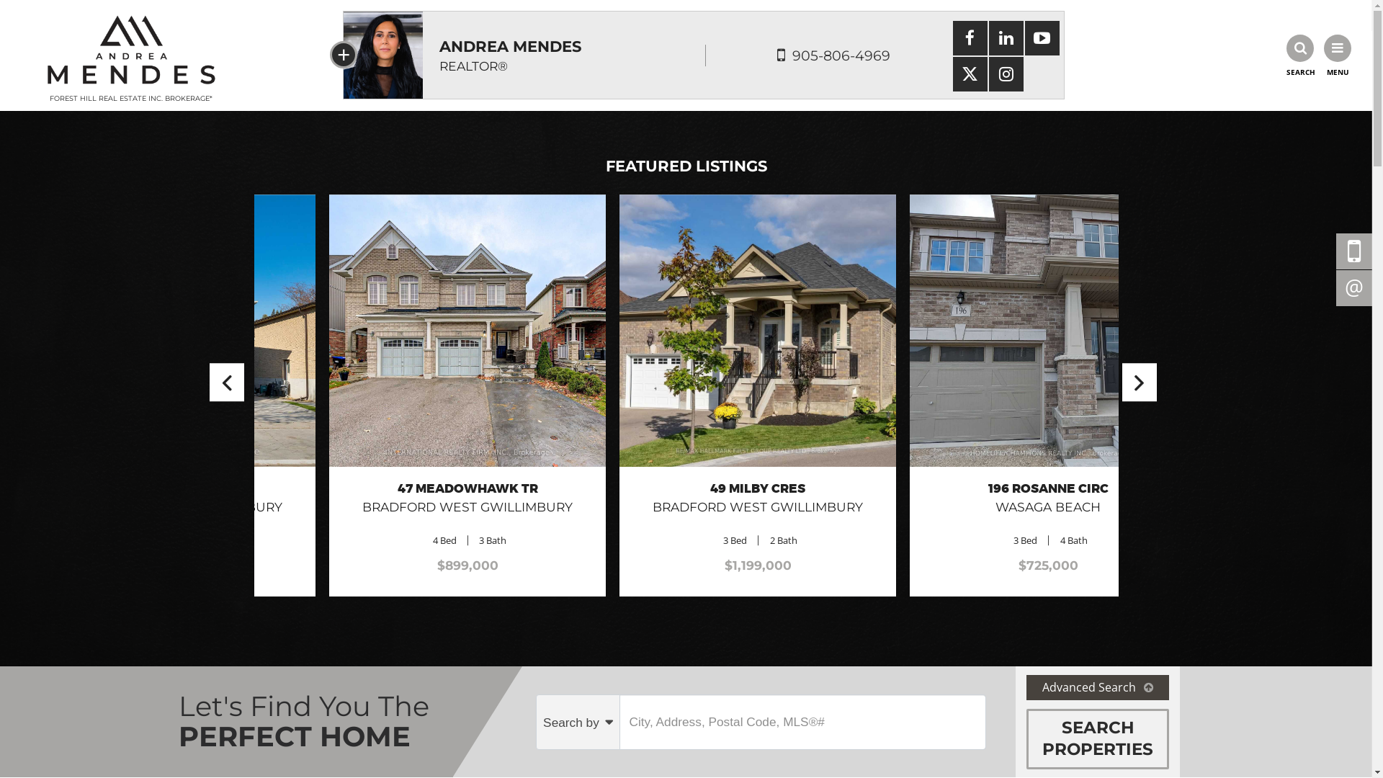 This screenshot has height=778, width=1383. I want to click on 'FOREST HILL REAL ESTATE INC. BROKERAGE*', so click(131, 55).